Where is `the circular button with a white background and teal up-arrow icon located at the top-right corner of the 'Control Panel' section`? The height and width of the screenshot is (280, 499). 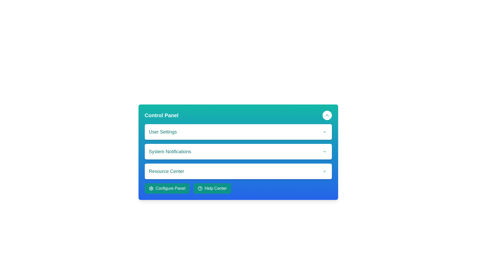 the circular button with a white background and teal up-arrow icon located at the top-right corner of the 'Control Panel' section is located at coordinates (327, 115).